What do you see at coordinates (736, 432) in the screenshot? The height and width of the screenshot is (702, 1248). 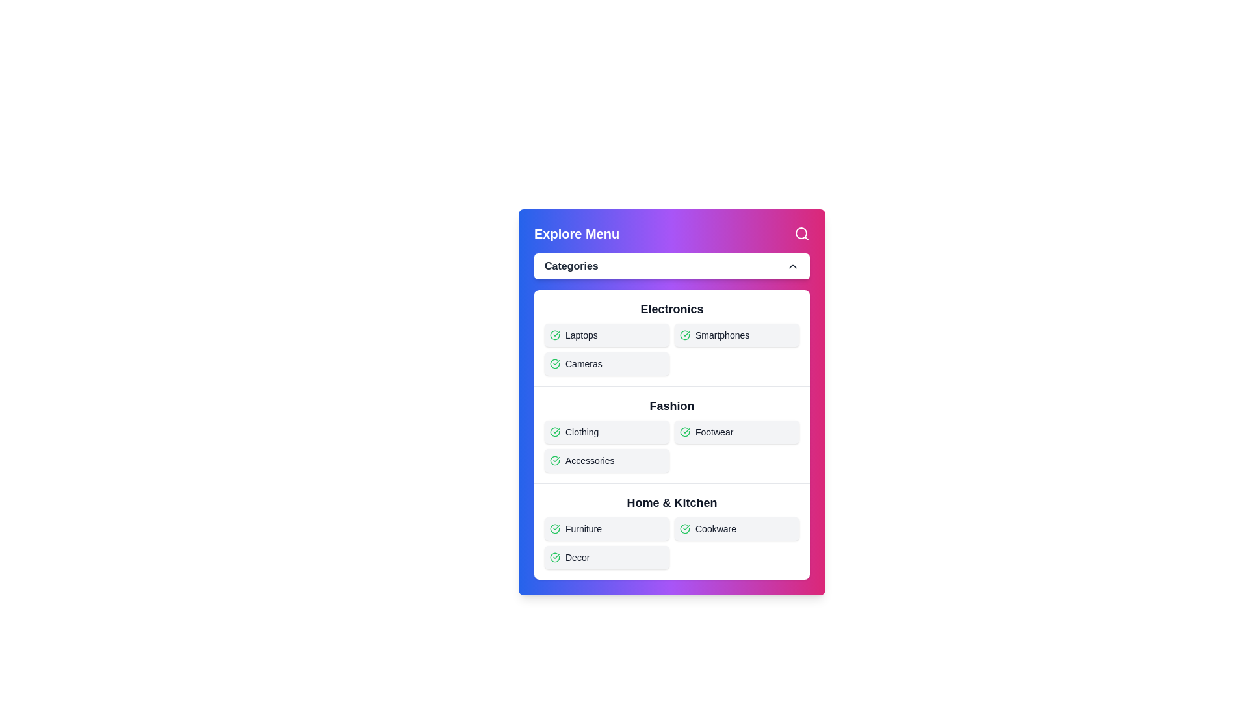 I see `the 'Footwear' button in the 'Fashion' category` at bounding box center [736, 432].